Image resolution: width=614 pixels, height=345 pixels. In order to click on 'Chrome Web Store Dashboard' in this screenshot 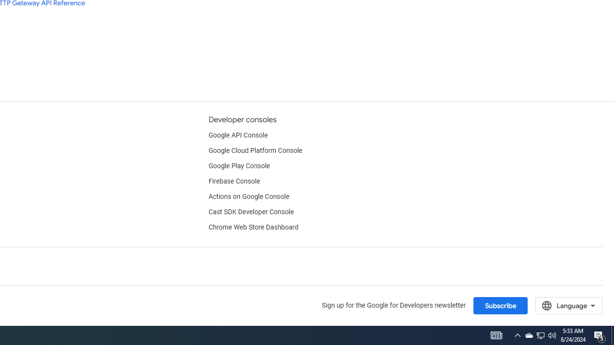, I will do `click(253, 228)`.